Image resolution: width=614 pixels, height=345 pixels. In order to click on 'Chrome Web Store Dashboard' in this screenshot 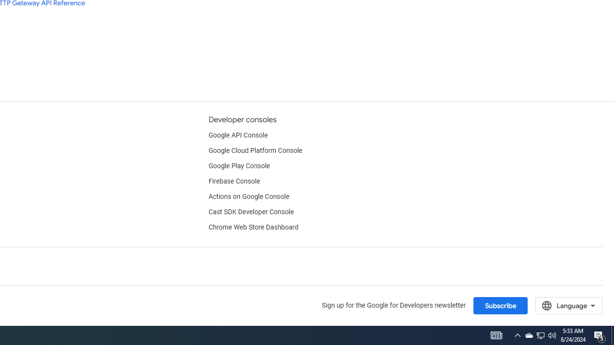, I will do `click(253, 228)`.